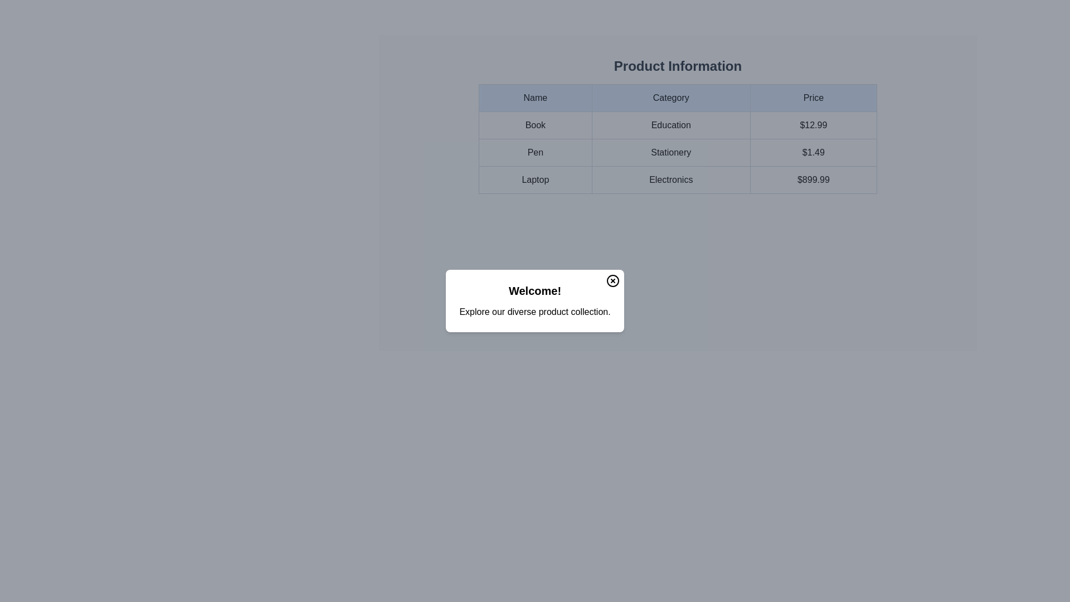 Image resolution: width=1070 pixels, height=602 pixels. What do you see at coordinates (535, 125) in the screenshot?
I see `the item name in the product listing table that is located in the 'Name' column, aligned with the 'Education' category, and priced at $12.99` at bounding box center [535, 125].